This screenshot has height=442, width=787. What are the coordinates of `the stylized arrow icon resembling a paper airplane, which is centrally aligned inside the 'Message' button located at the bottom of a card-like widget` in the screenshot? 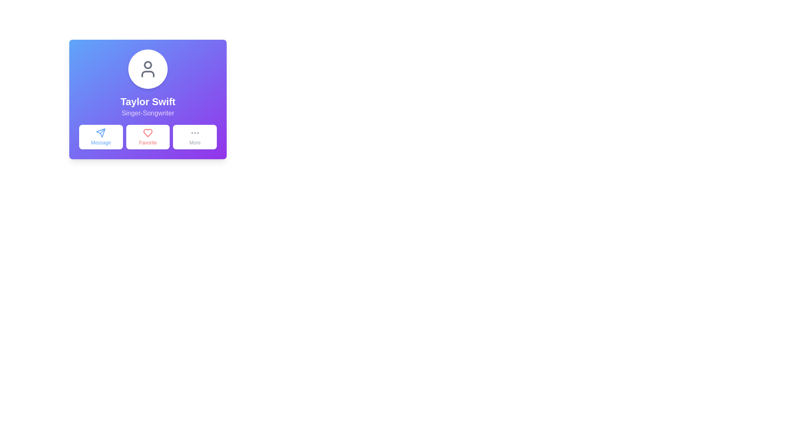 It's located at (100, 132).